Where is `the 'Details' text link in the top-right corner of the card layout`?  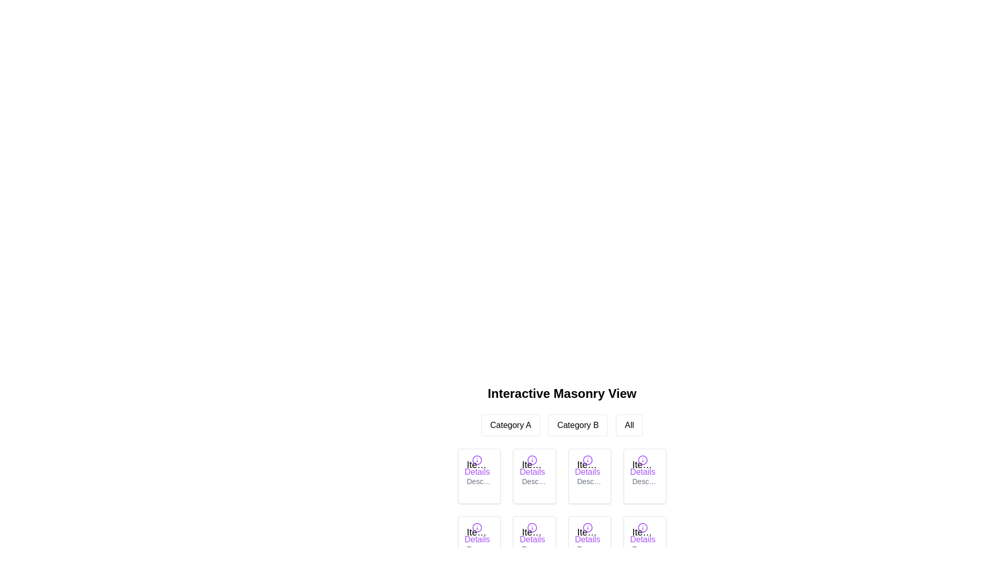
the 'Details' text link in the top-right corner of the card layout is located at coordinates (642, 533).